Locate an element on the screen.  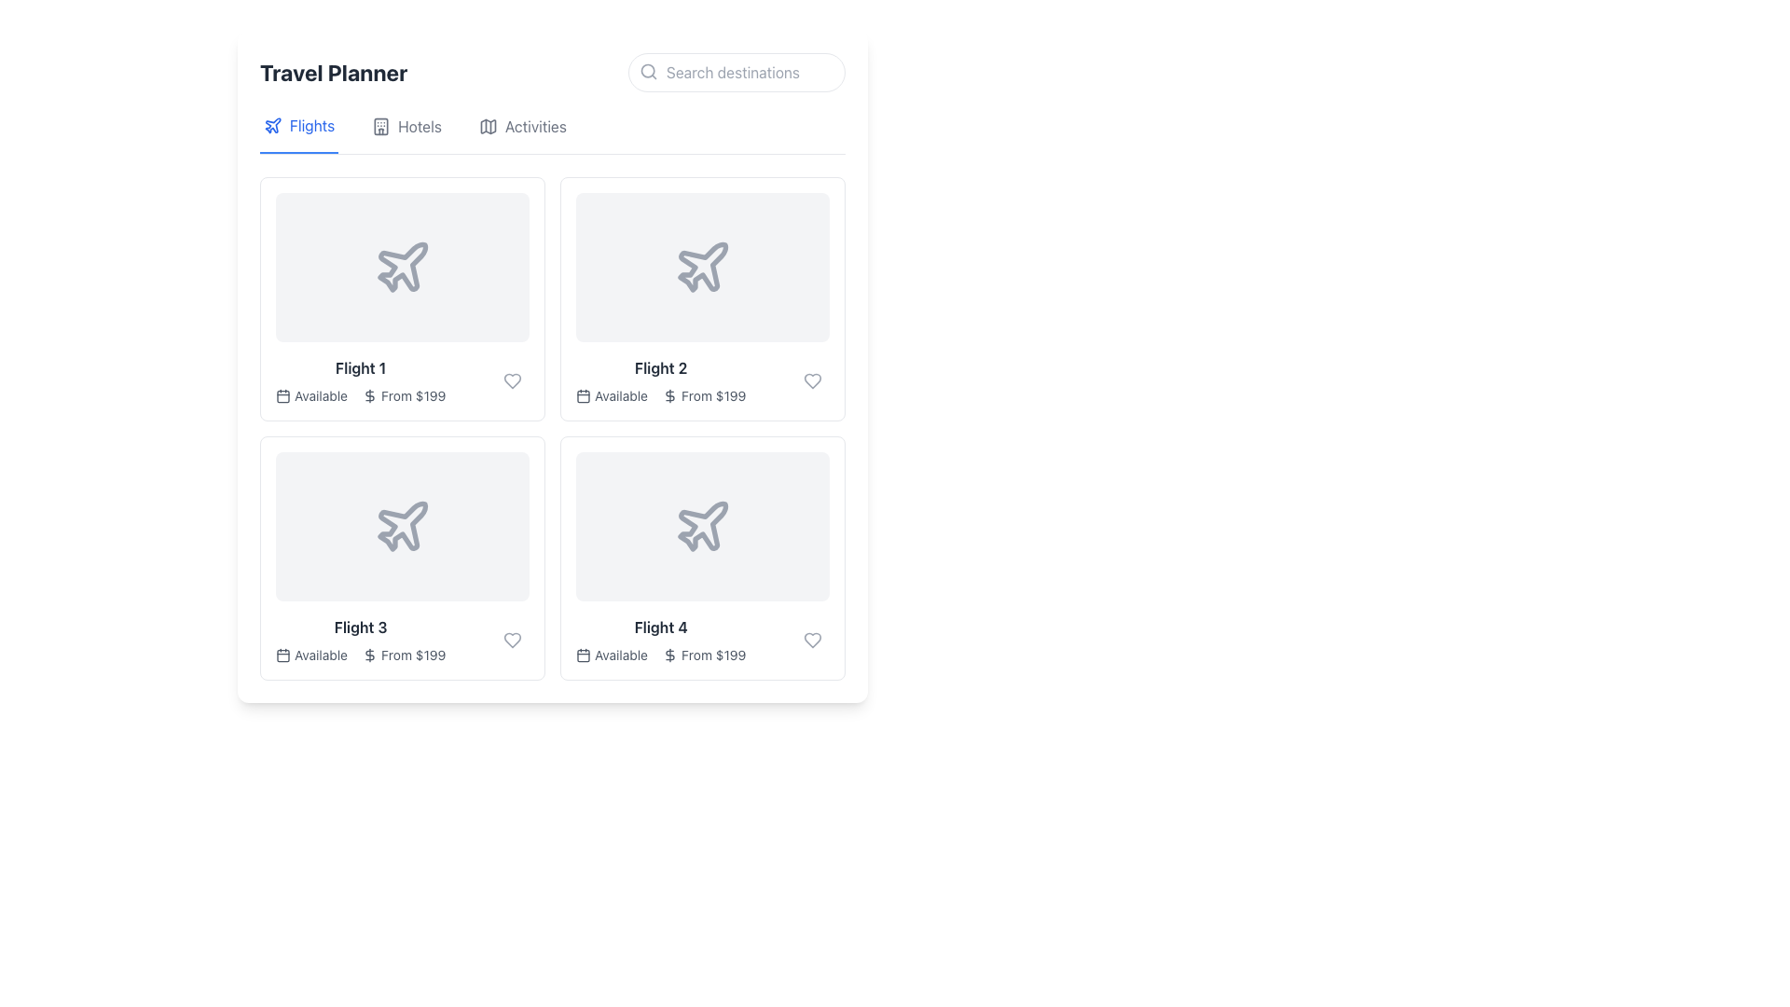
the airplane icon within the light gray rectangular area of the 'Flight 3' card located in the second row, first column of the flight options grid is located at coordinates (402, 526).